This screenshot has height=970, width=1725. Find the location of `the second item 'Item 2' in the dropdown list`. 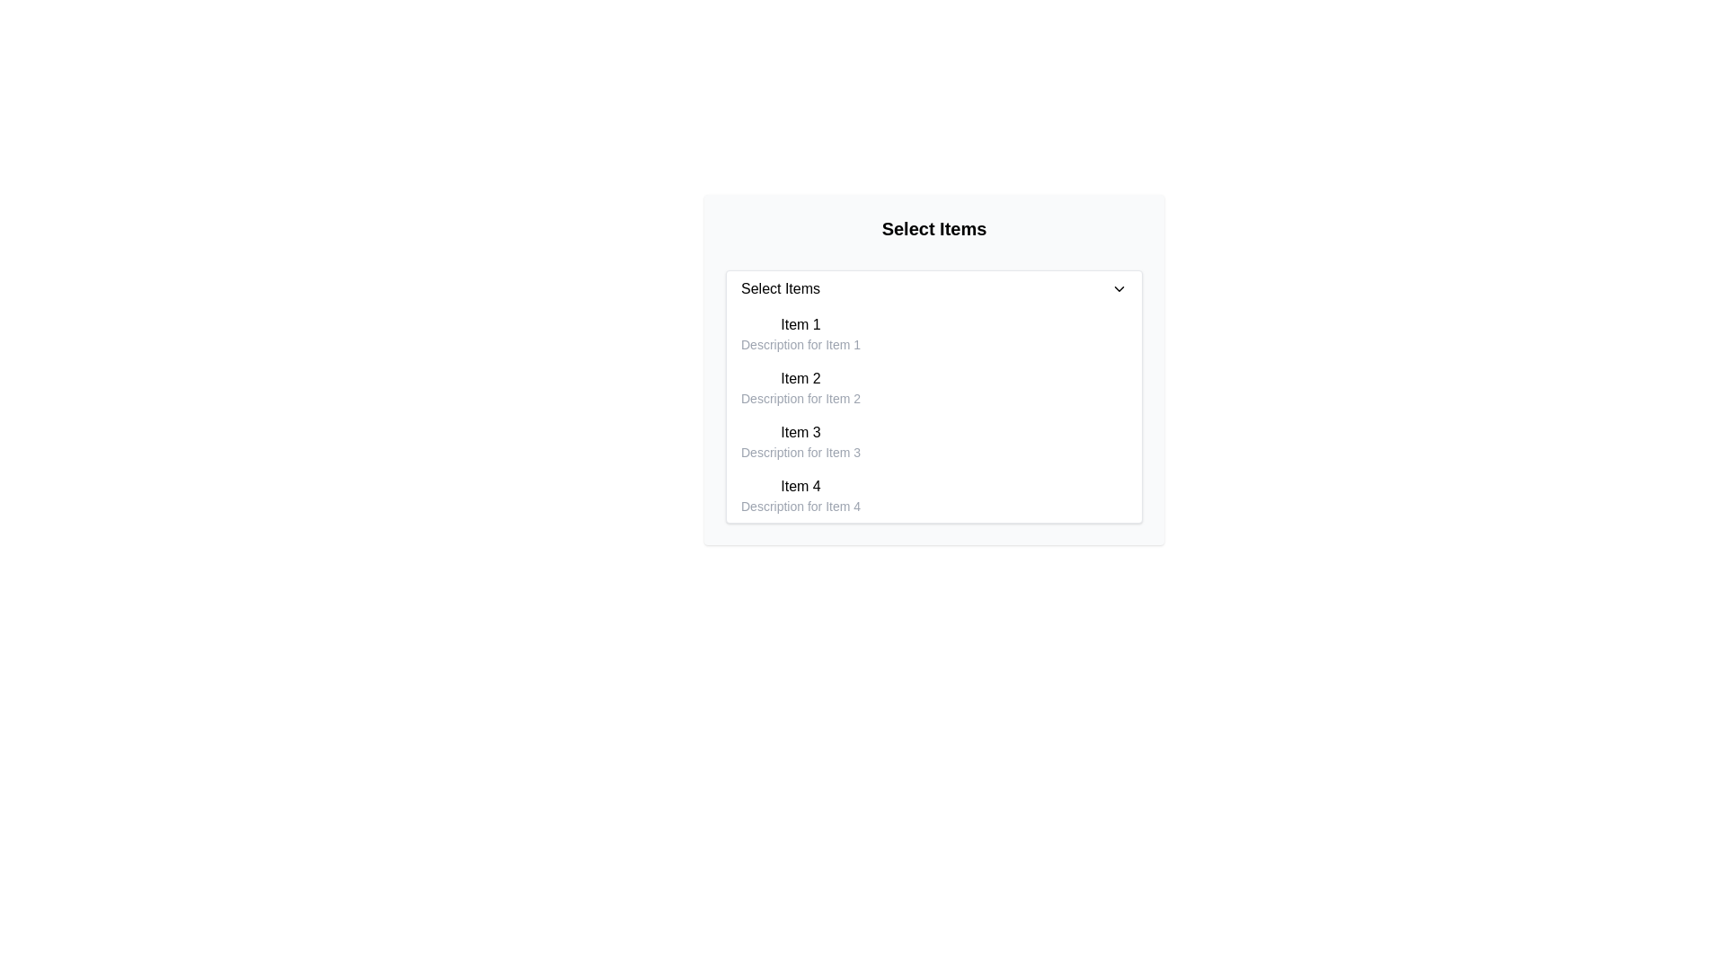

the second item 'Item 2' in the dropdown list is located at coordinates (800, 387).